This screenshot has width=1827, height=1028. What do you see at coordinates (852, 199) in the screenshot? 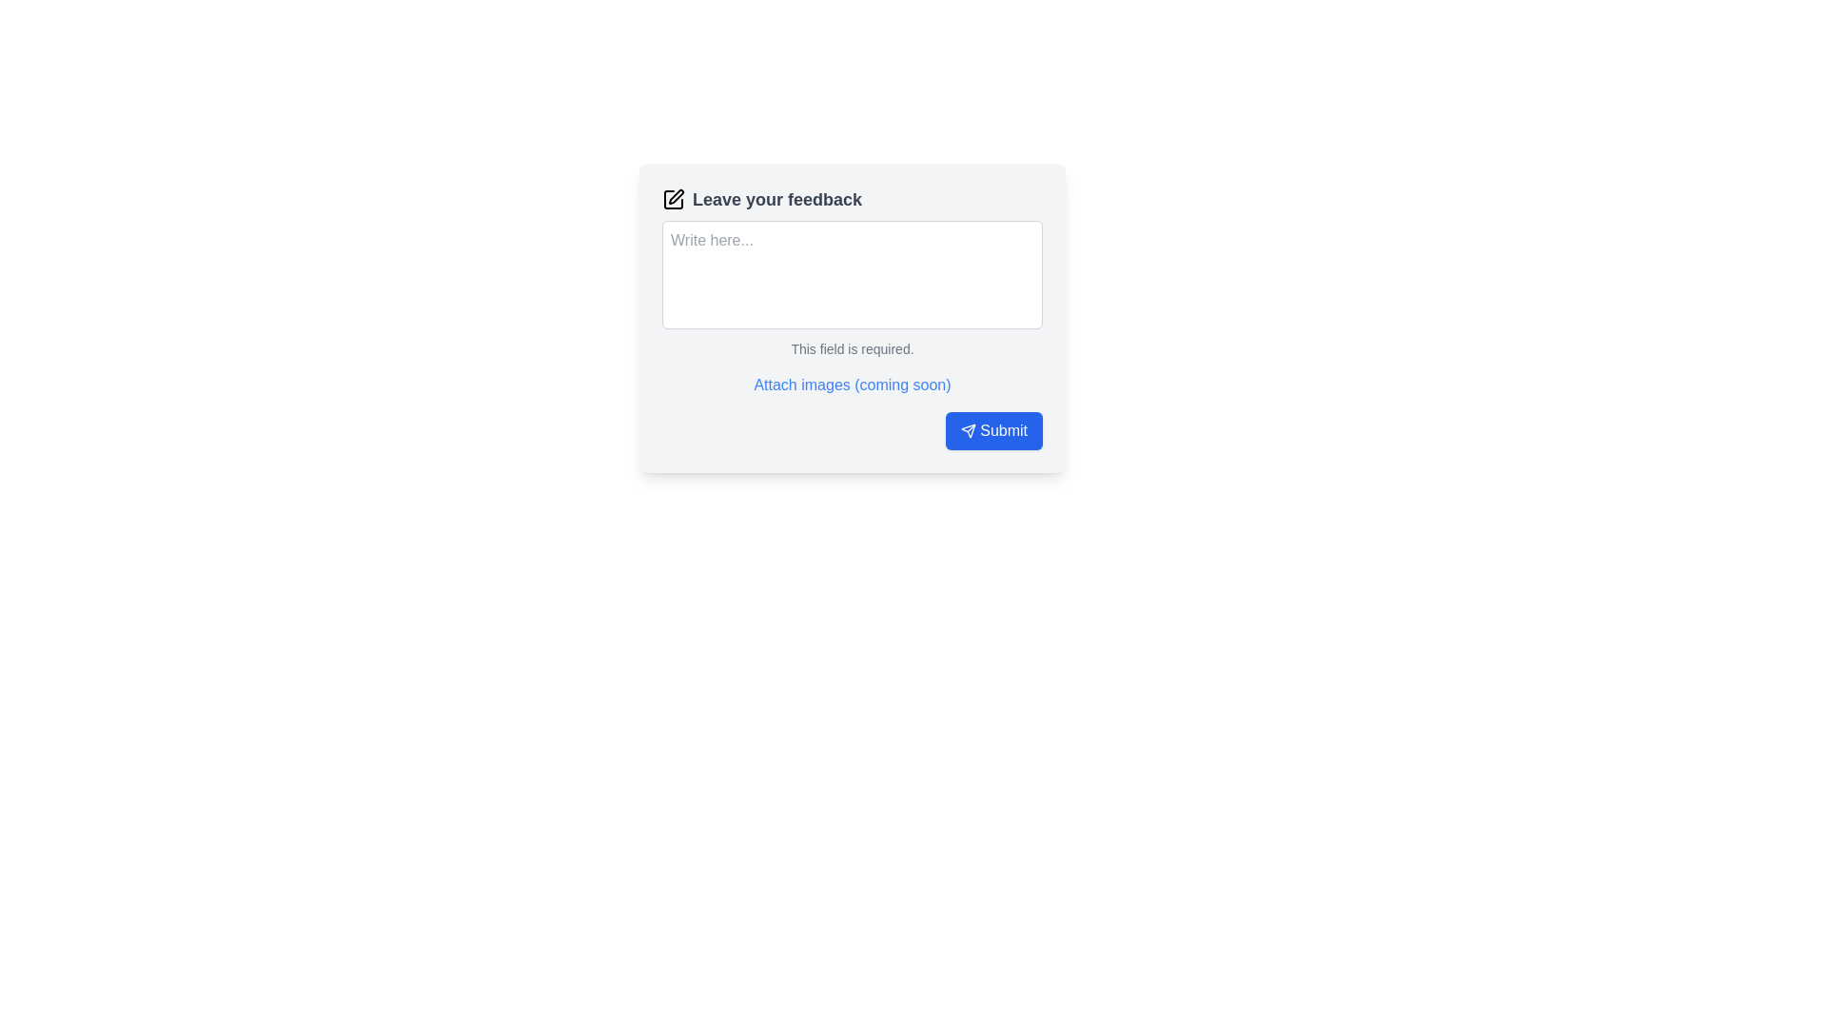
I see `the 'Leave your feedback' label with the pencil icon, which is positioned at the top of the feedback form, directly above the input area` at bounding box center [852, 199].